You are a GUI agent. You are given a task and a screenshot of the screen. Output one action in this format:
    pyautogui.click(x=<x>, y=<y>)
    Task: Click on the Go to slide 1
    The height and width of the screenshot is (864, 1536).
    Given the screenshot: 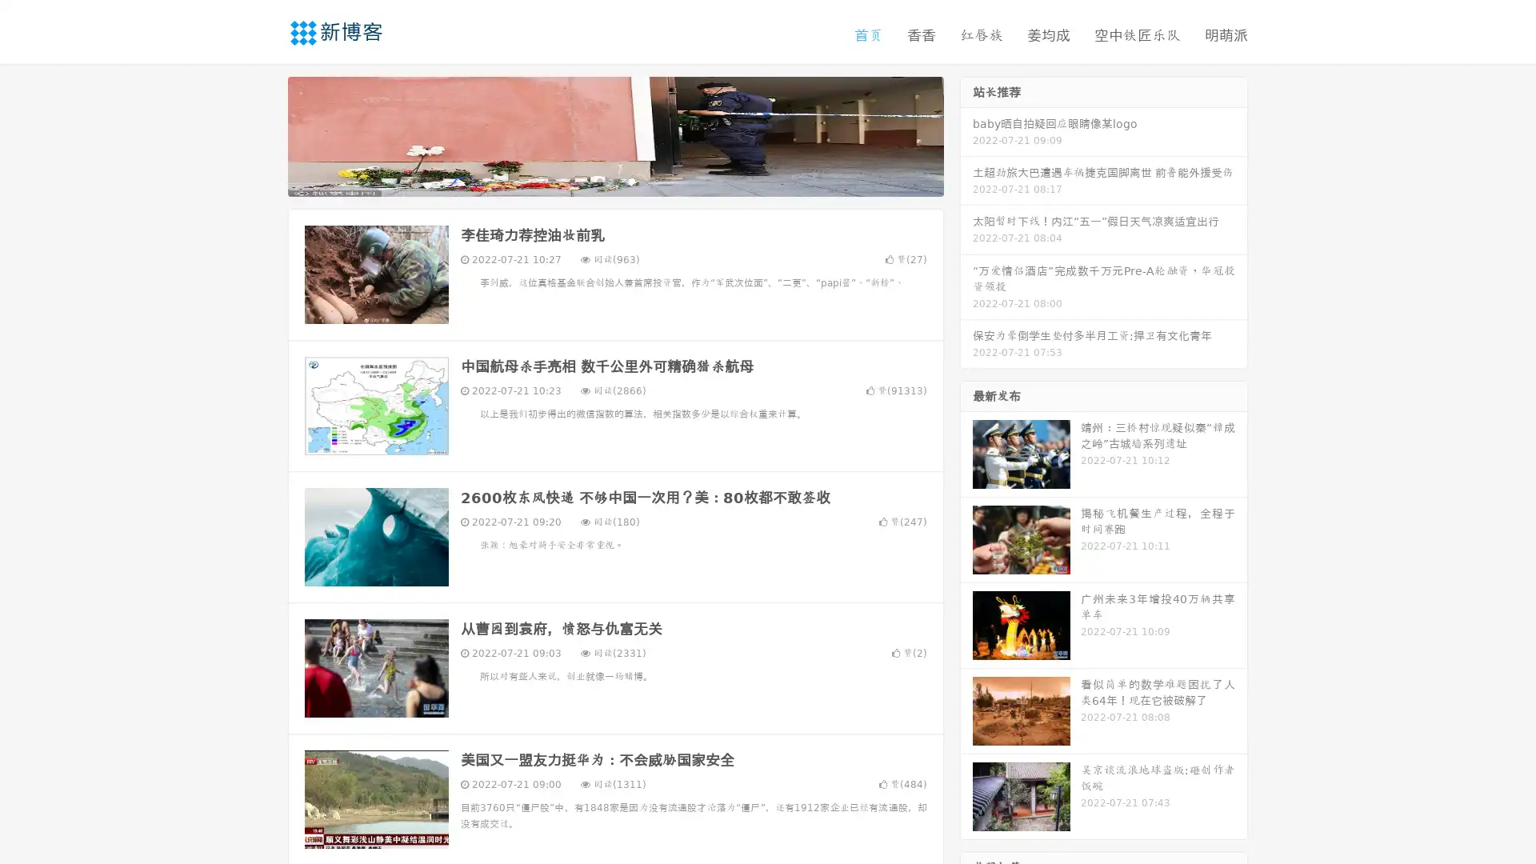 What is the action you would take?
    pyautogui.click(x=598, y=180)
    